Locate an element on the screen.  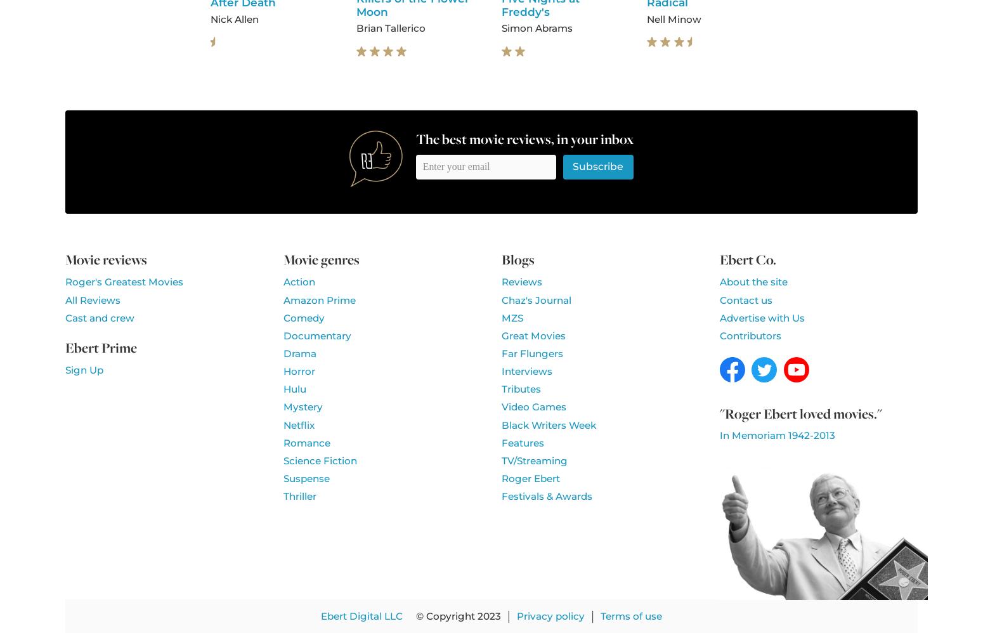
'Amazon Prime' is located at coordinates (318, 299).